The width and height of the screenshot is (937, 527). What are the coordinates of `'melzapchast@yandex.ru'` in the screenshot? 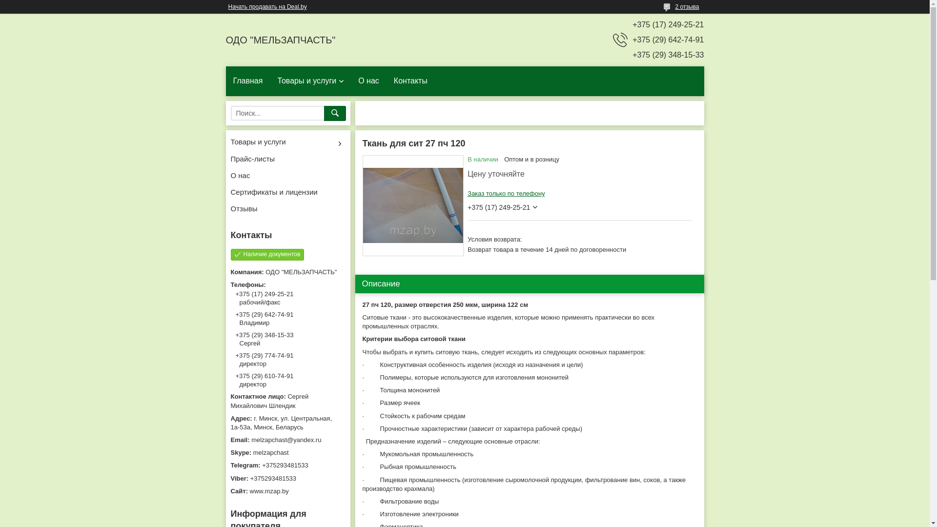 It's located at (287, 440).